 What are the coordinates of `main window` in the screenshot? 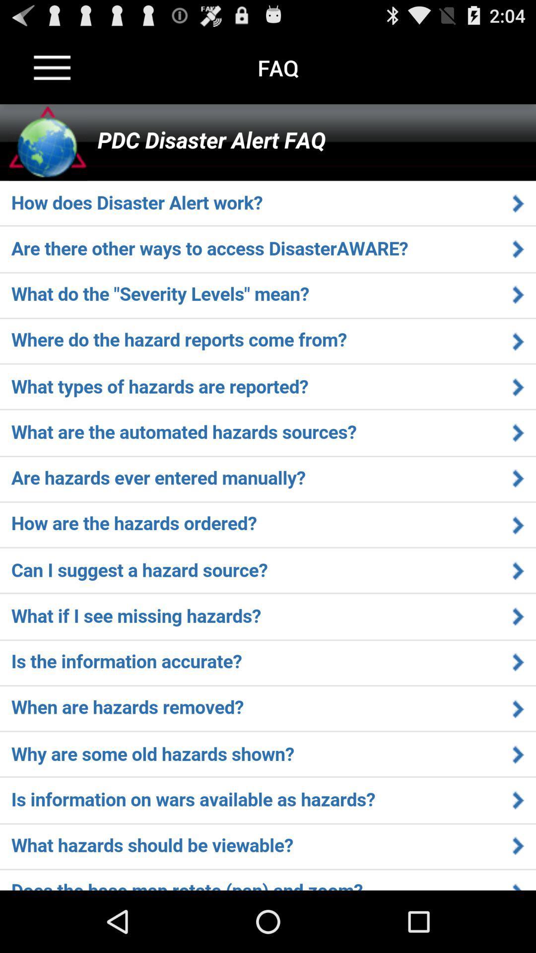 It's located at (268, 497).